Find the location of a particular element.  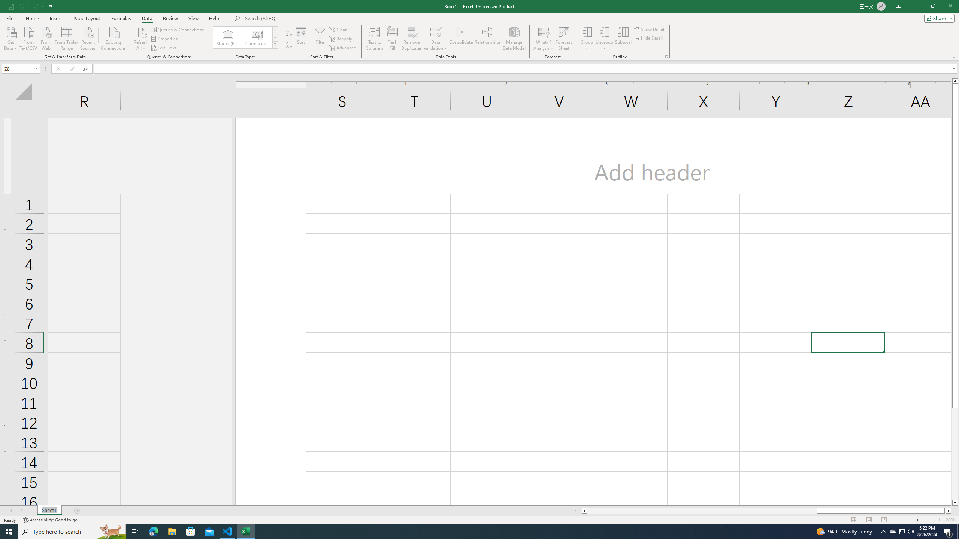

'Recent Sources' is located at coordinates (88, 37).